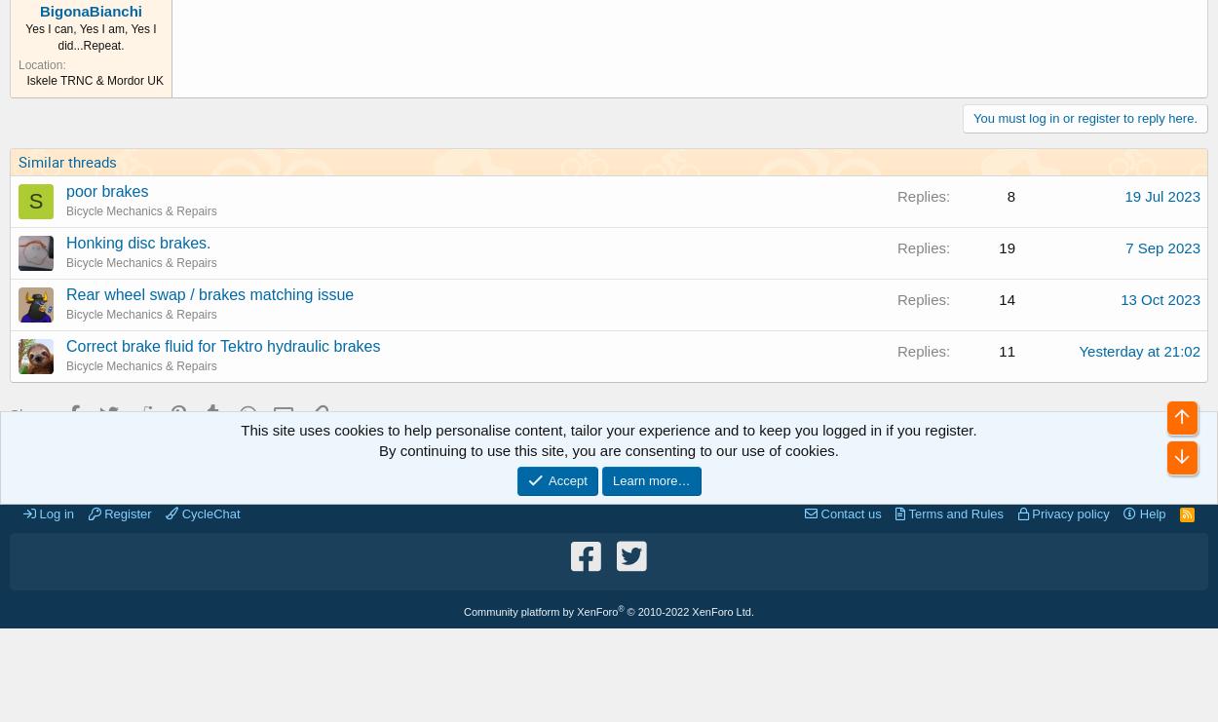  I want to click on 'Location', so click(40, 63).